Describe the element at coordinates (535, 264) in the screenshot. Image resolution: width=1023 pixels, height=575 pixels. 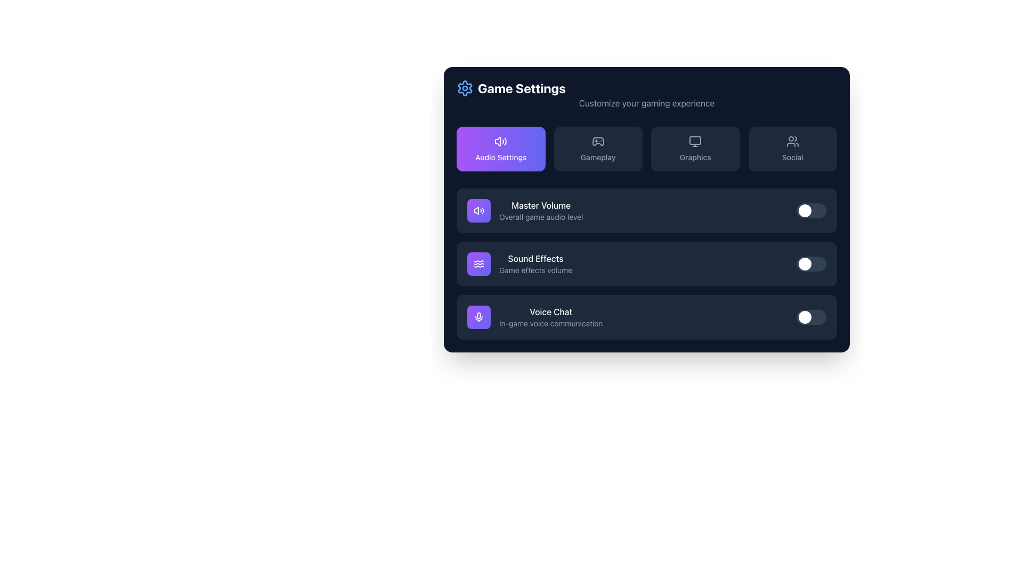
I see `the 'Sound Effects' text display element, which is a static label featuring the upper component labeled 'Sound Effects' in white font and the lower component 'Game effects volume' in slate-gray font, located centrally in a dark blue section below 'Master Volume'` at that location.